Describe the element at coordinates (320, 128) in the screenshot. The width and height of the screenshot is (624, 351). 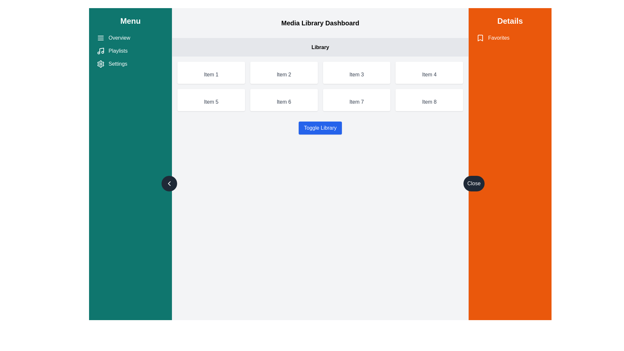
I see `the 'Toggle Library' button to enable keyboard interaction` at that location.